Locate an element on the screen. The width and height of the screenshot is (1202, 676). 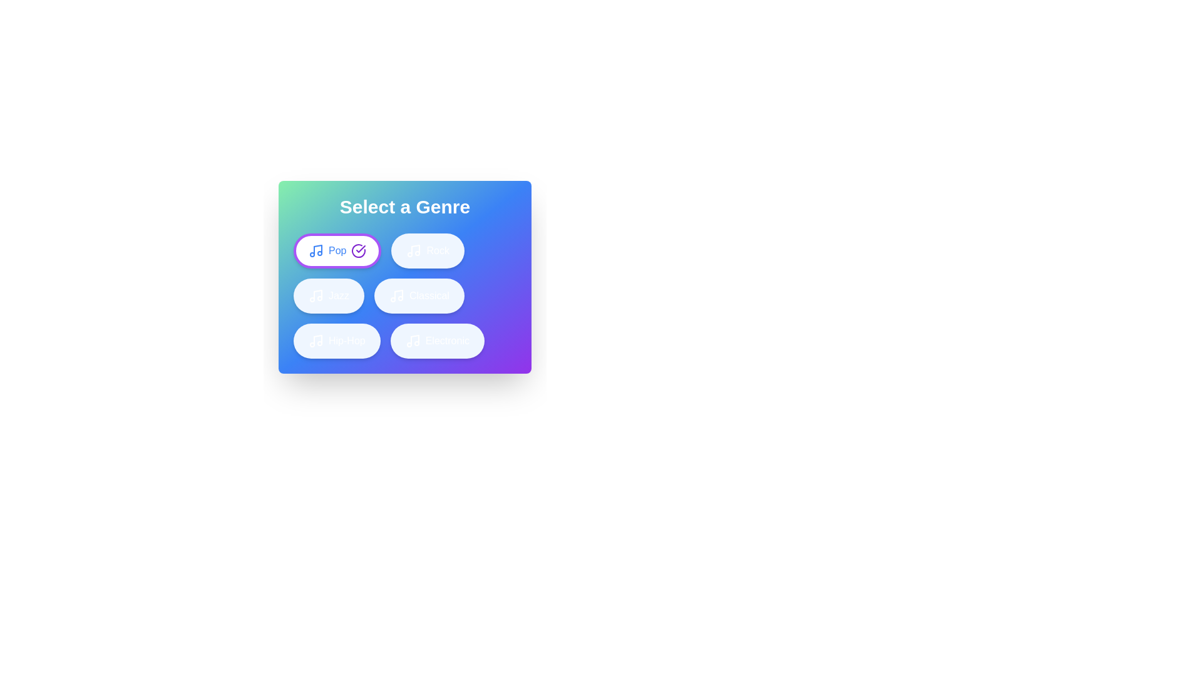
the 'Classical' genre selection button located in the second row and third column of the 'Select a Genre' section, directly below the 'Rock' button and to the right of the 'Jazz' button is located at coordinates (419, 296).